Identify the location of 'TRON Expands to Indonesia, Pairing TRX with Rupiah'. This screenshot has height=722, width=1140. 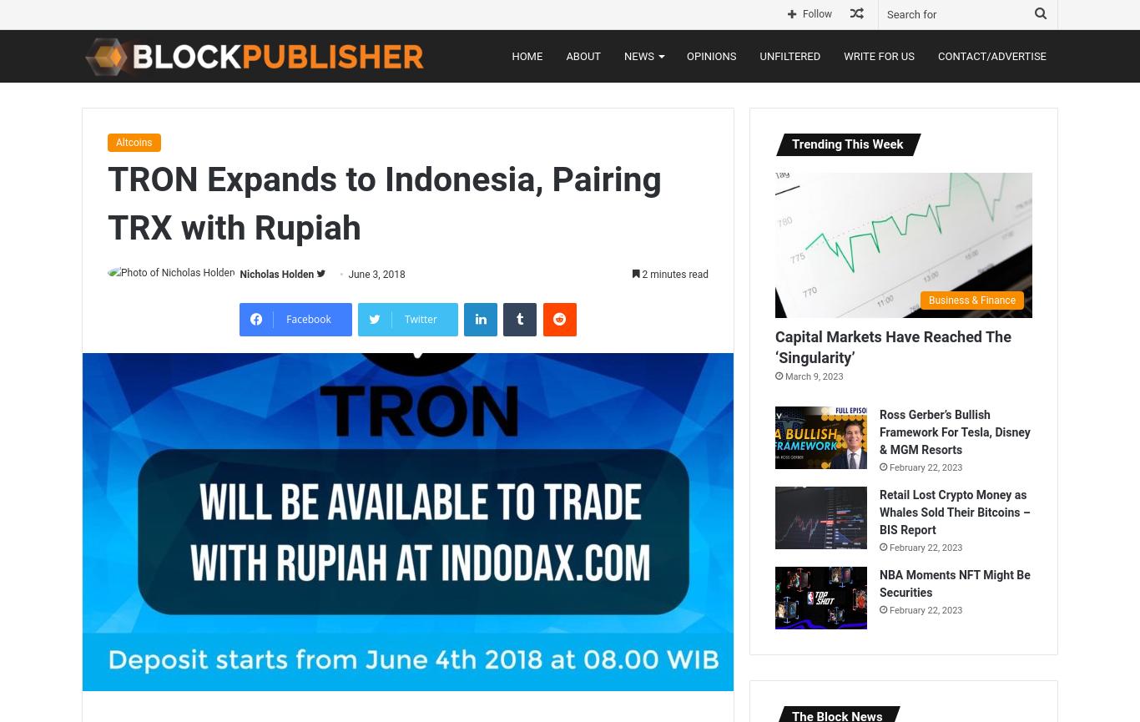
(106, 202).